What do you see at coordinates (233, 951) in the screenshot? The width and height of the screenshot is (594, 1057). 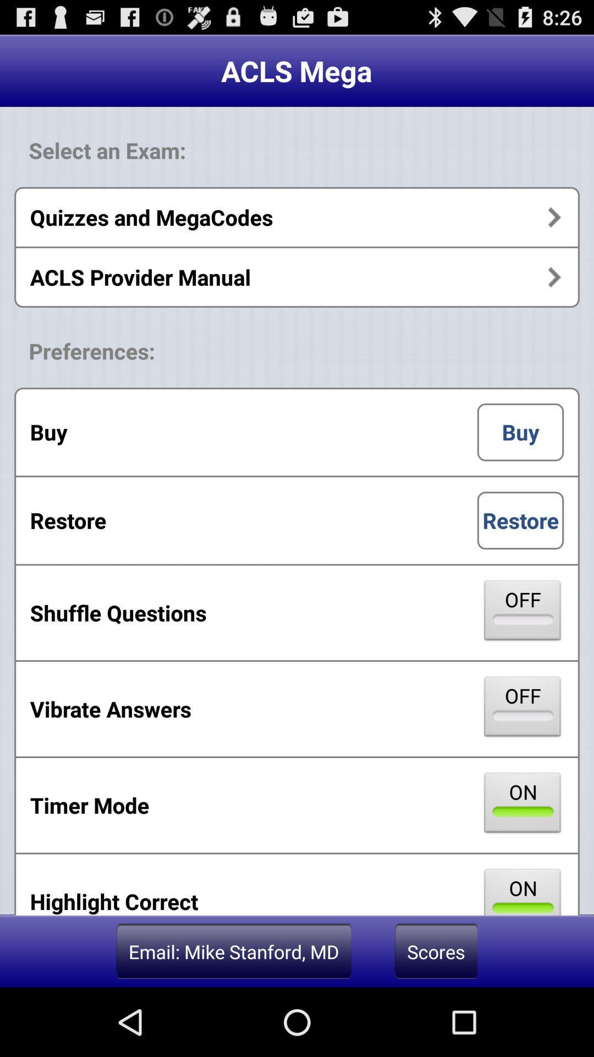 I see `the icon next to the scores` at bounding box center [233, 951].